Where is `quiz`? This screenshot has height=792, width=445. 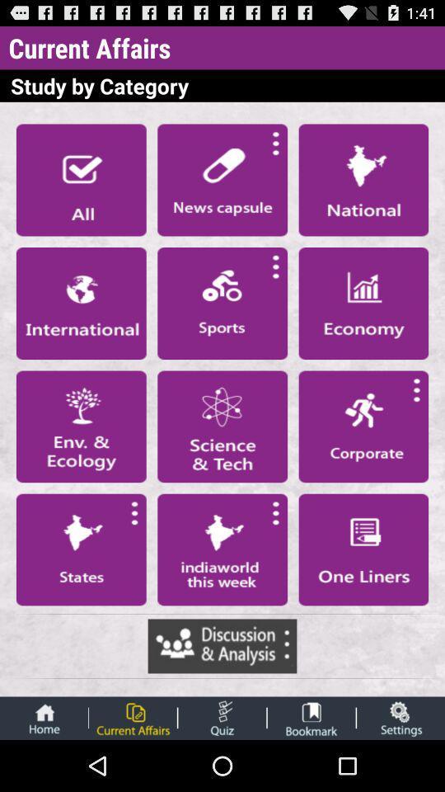 quiz is located at coordinates (222, 717).